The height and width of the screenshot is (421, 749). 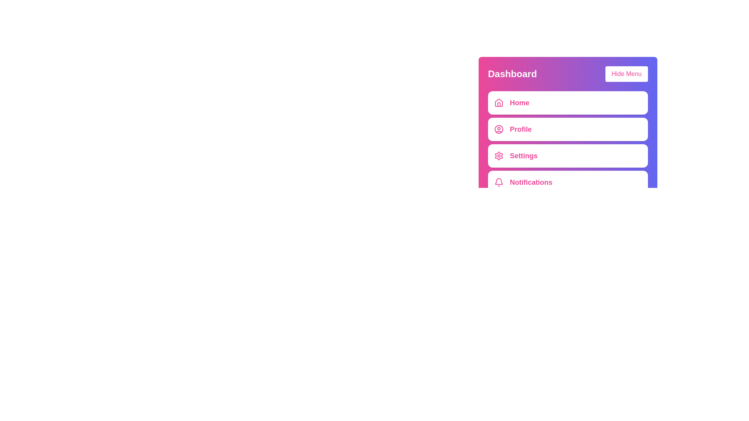 What do you see at coordinates (568, 102) in the screenshot?
I see `the menu item labeled Home to observe its hover effect` at bounding box center [568, 102].